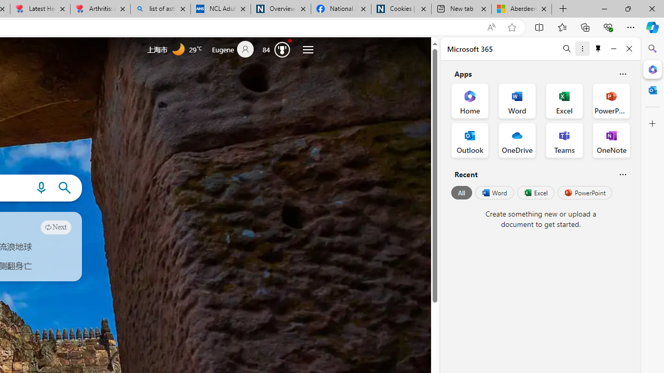 The width and height of the screenshot is (664, 373). What do you see at coordinates (517, 140) in the screenshot?
I see `'OneDrive Office App'` at bounding box center [517, 140].